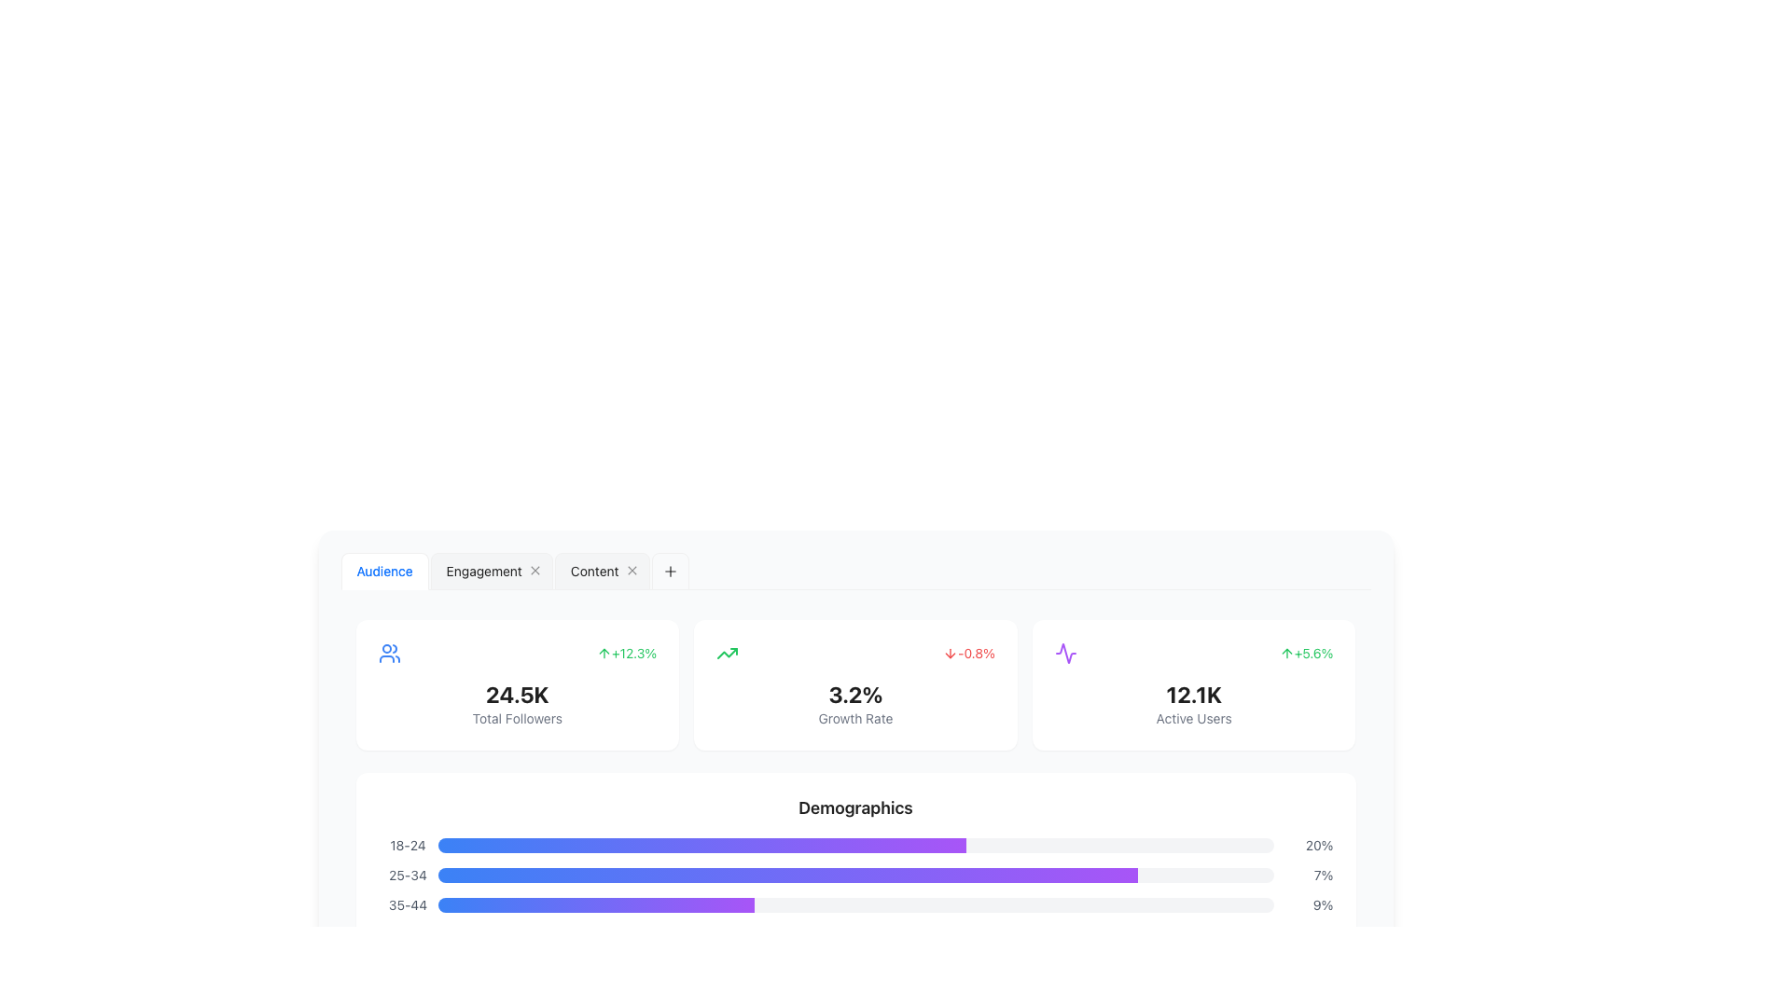 Image resolution: width=1791 pixels, height=1007 pixels. What do you see at coordinates (517, 694) in the screenshot?
I see `the Label element displaying '24.5K', which is styled in bold and large font, indicating 'Total Followers'` at bounding box center [517, 694].